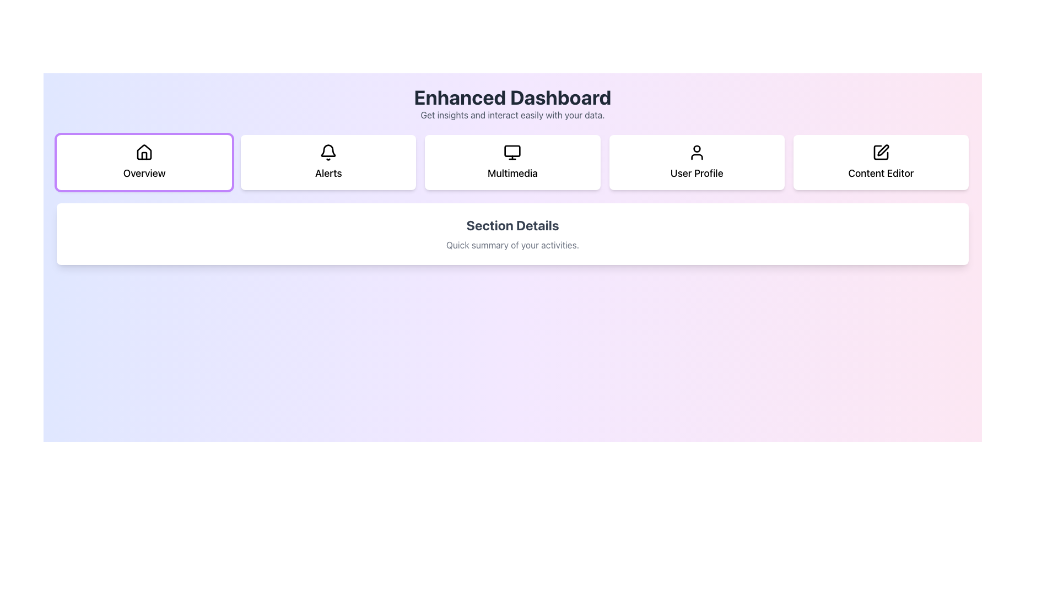  What do you see at coordinates (512, 244) in the screenshot?
I see `the text element styled in thin, gray font reading 'Quick summary of your activities.', located directly below the bolded text 'Section Details'` at bounding box center [512, 244].